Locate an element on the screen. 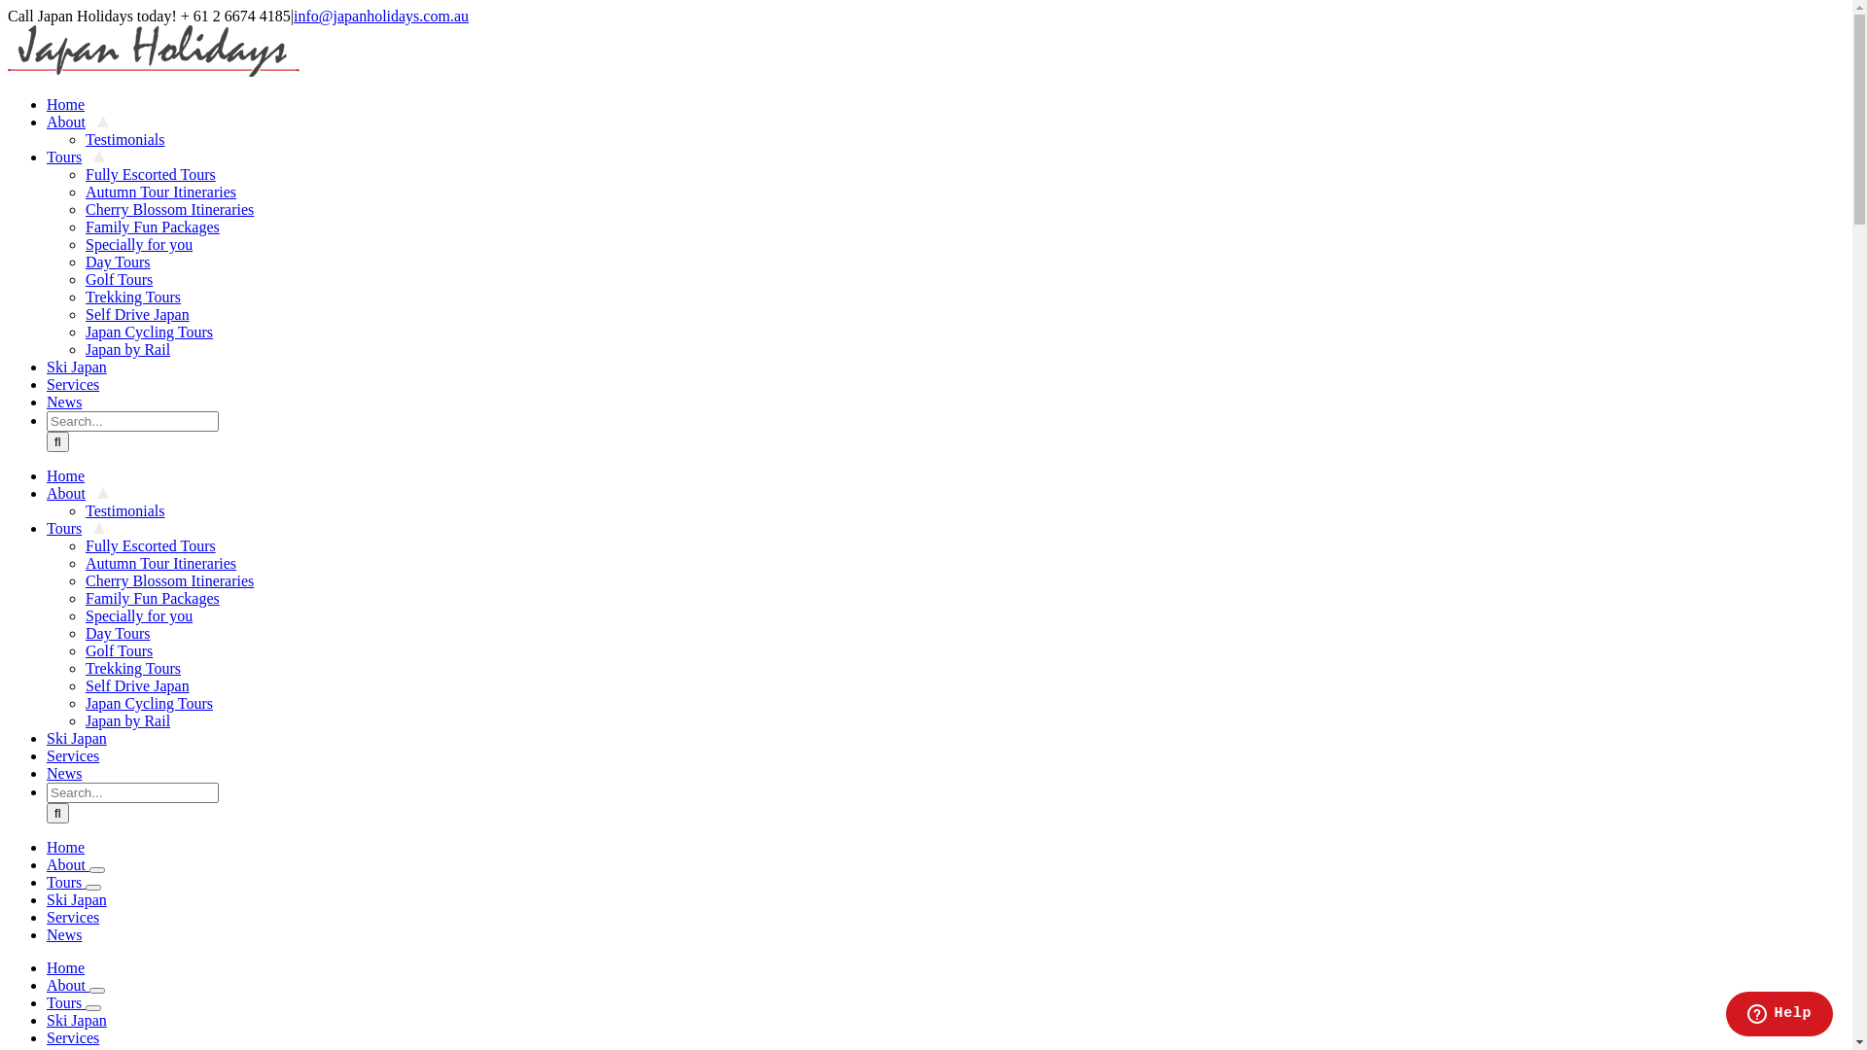 The width and height of the screenshot is (1867, 1050). 'Home' is located at coordinates (71, 104).